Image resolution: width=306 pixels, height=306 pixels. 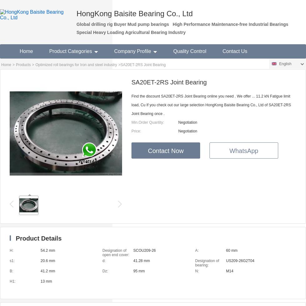 I want to click on 'WhatsApp', so click(x=244, y=151).